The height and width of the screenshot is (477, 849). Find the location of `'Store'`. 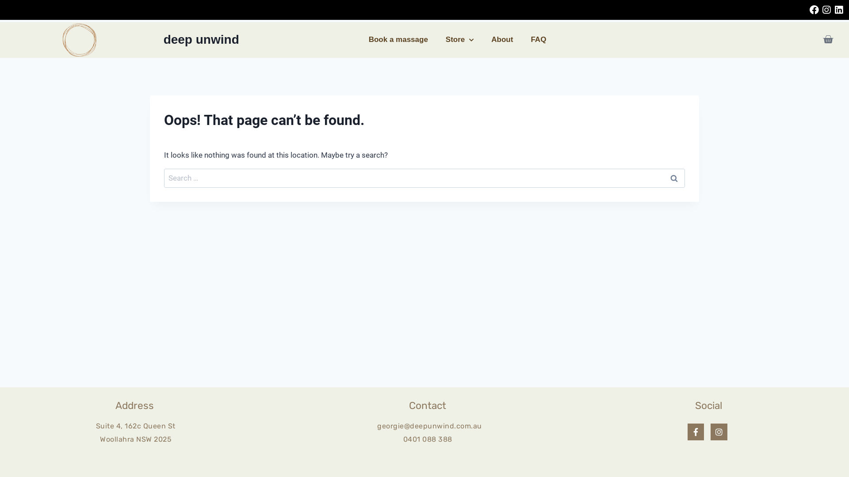

'Store' is located at coordinates (459, 39).